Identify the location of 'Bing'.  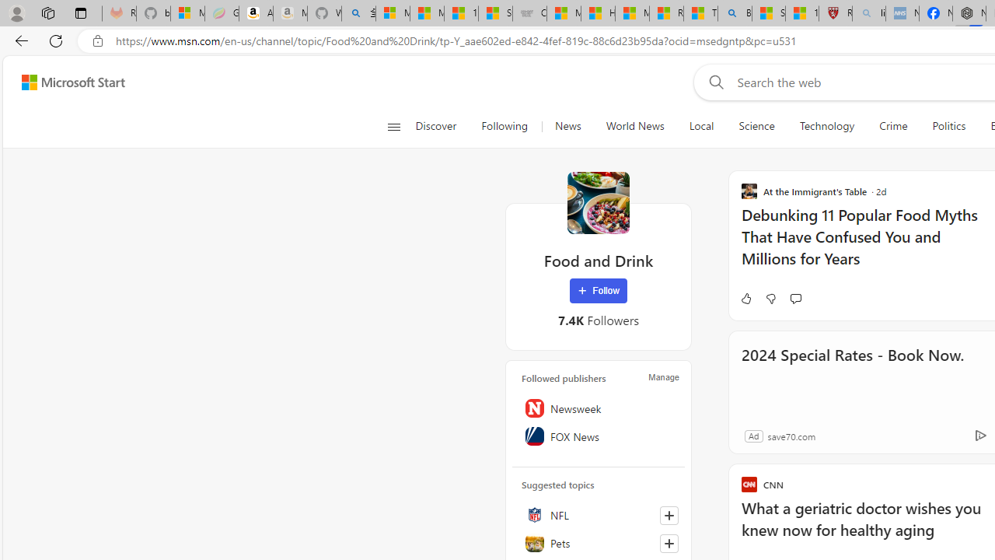
(734, 13).